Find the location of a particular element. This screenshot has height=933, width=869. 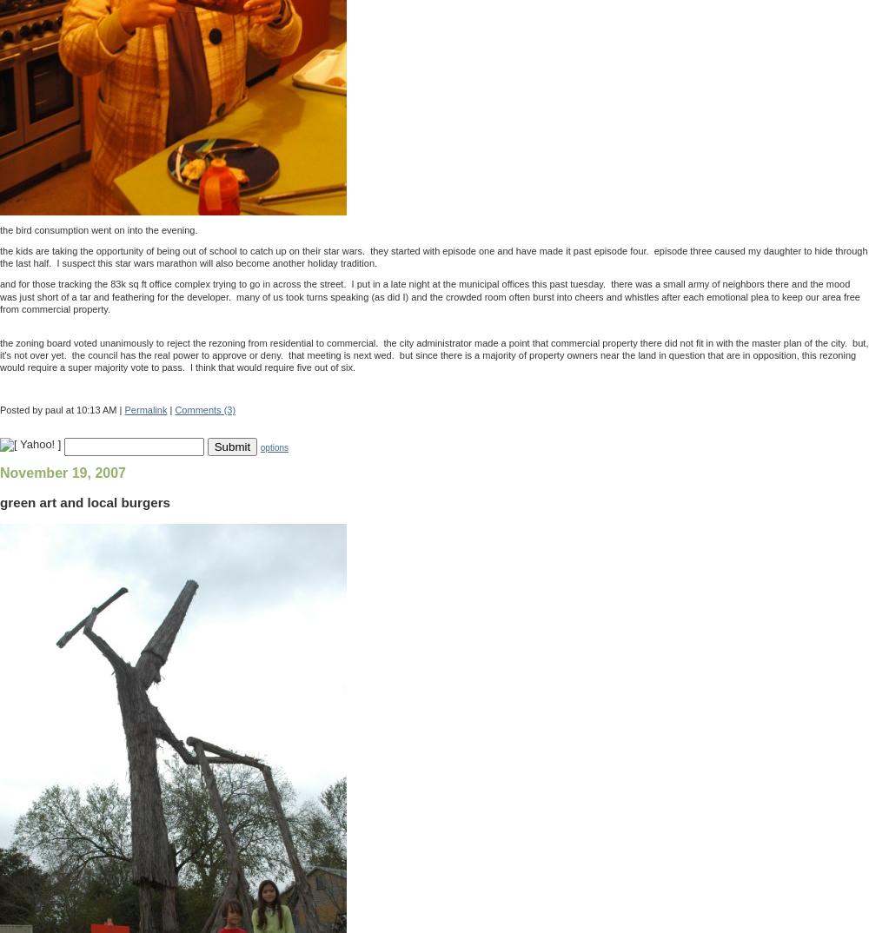

'Posted by paul at 10:13 AM' is located at coordinates (57, 407).